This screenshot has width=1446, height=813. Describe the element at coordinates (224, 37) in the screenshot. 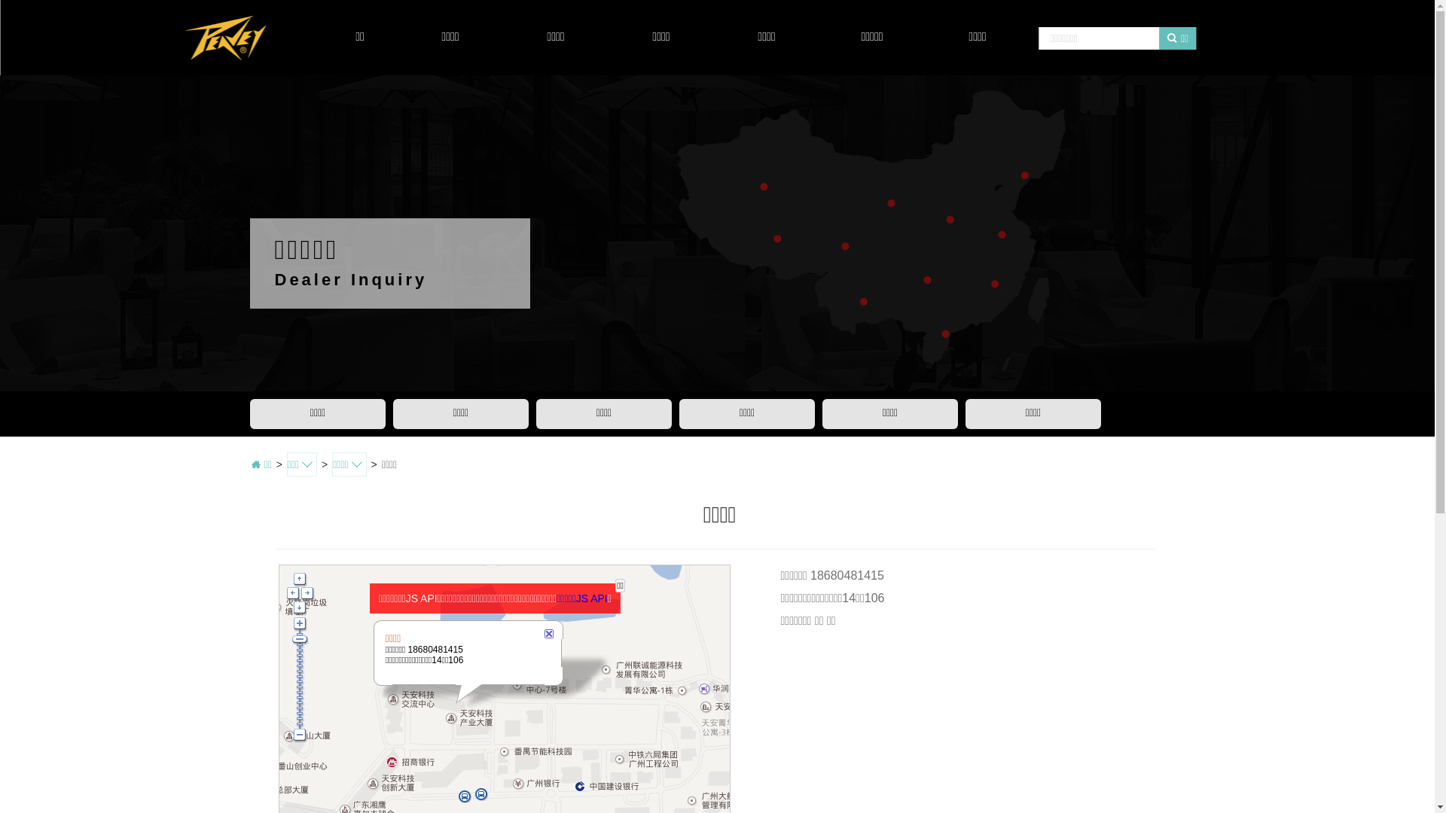

I see `'logo'` at that location.